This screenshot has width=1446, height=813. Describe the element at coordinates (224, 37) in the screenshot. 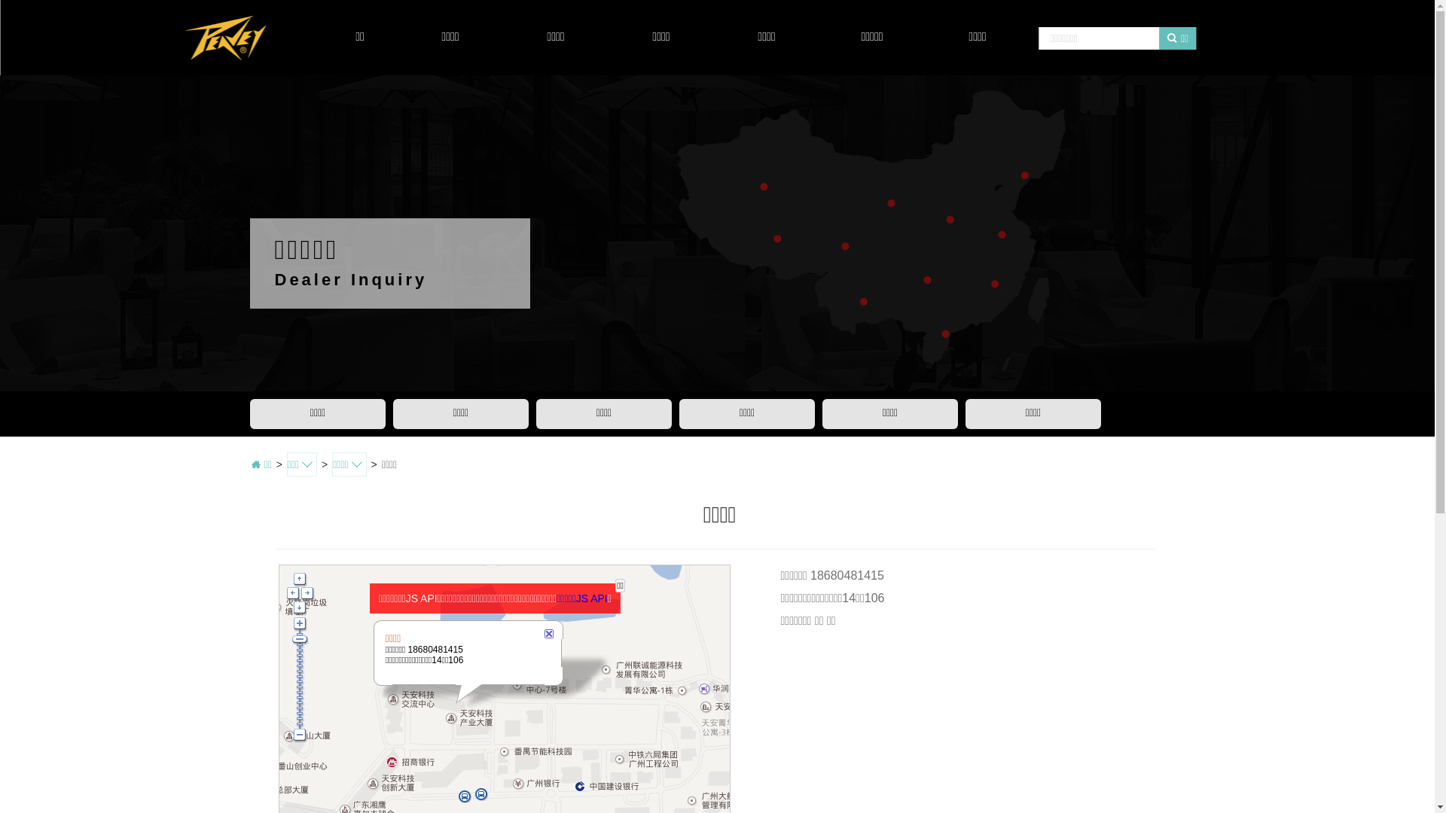

I see `'logo'` at that location.